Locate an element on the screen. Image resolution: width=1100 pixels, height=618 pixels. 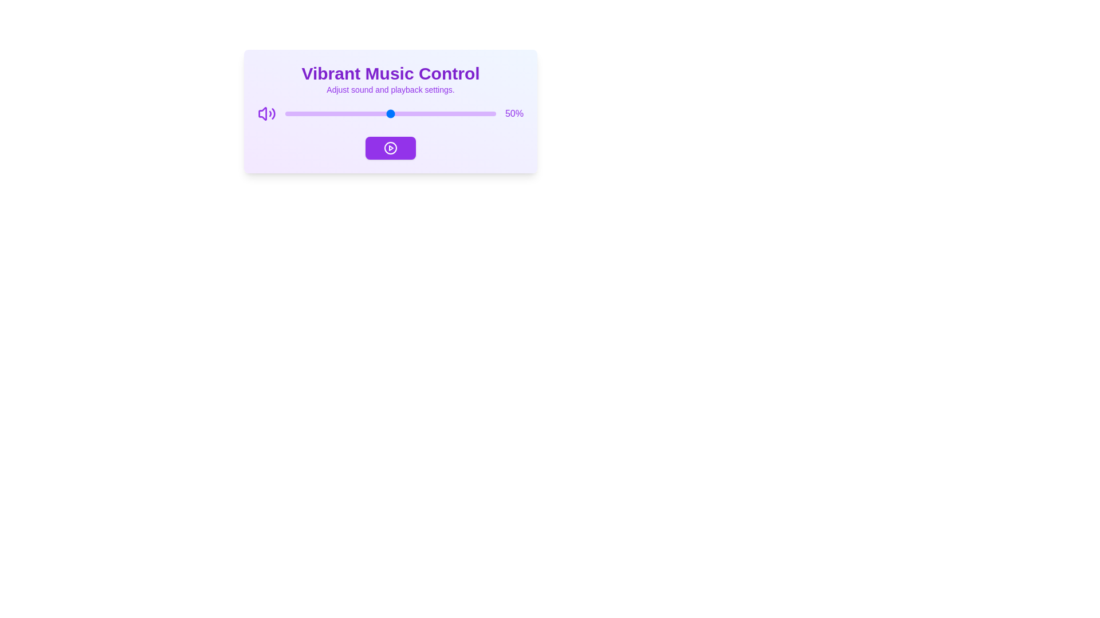
the volume slider to 77% is located at coordinates (446, 114).